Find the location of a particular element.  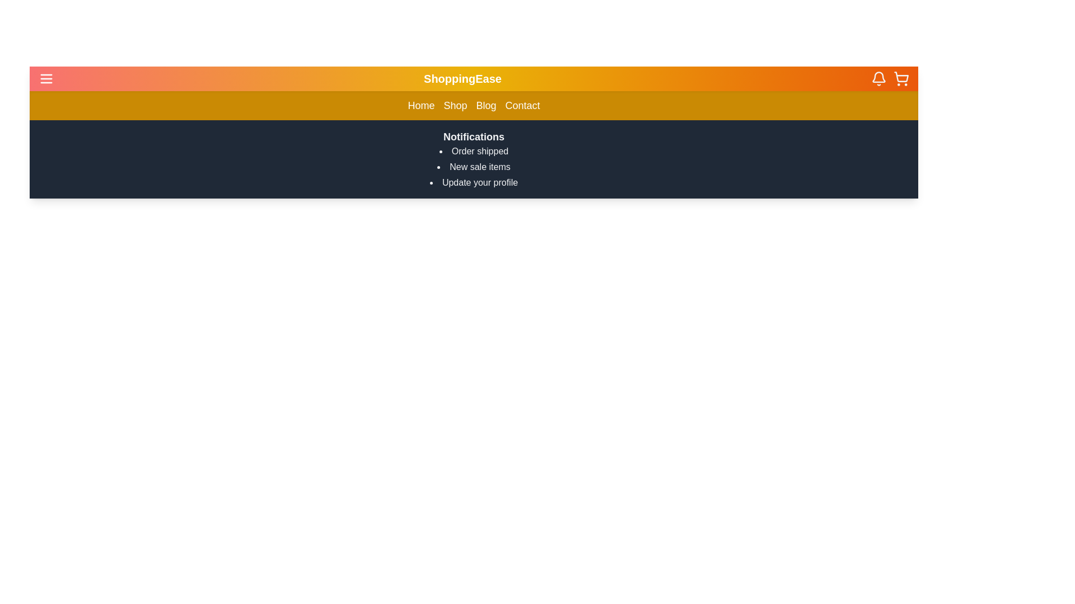

the text label that serves as the title for the notification section, which is centrally positioned at the top of the section containing additional list items is located at coordinates (474, 136).